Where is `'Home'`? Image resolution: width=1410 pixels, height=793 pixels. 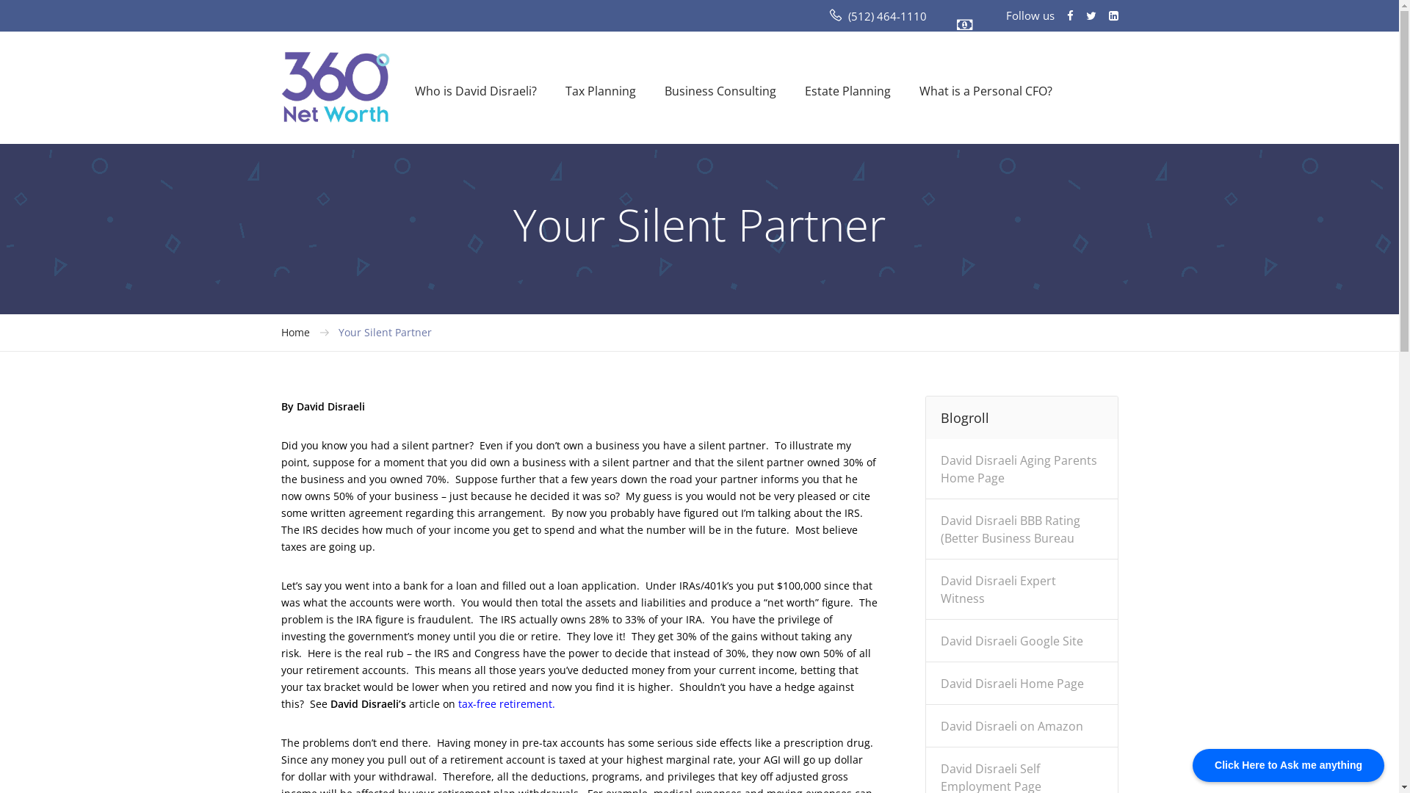 'Home' is located at coordinates (294, 332).